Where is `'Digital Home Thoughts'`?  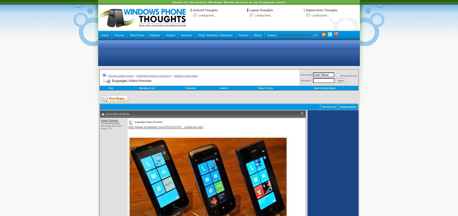 'Digital Home Thoughts' is located at coordinates (322, 10).